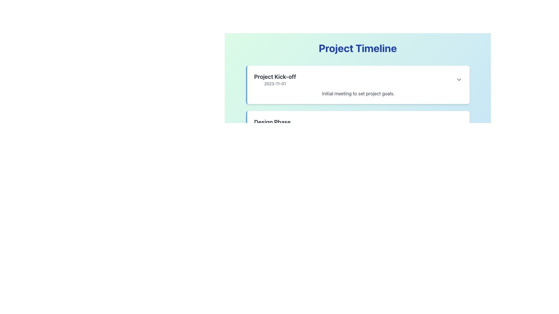 The width and height of the screenshot is (559, 314). I want to click on the text element displaying 'Initial meeting to set project goals.' located at the bottom of the 'Project Timeline' interface, so click(358, 93).